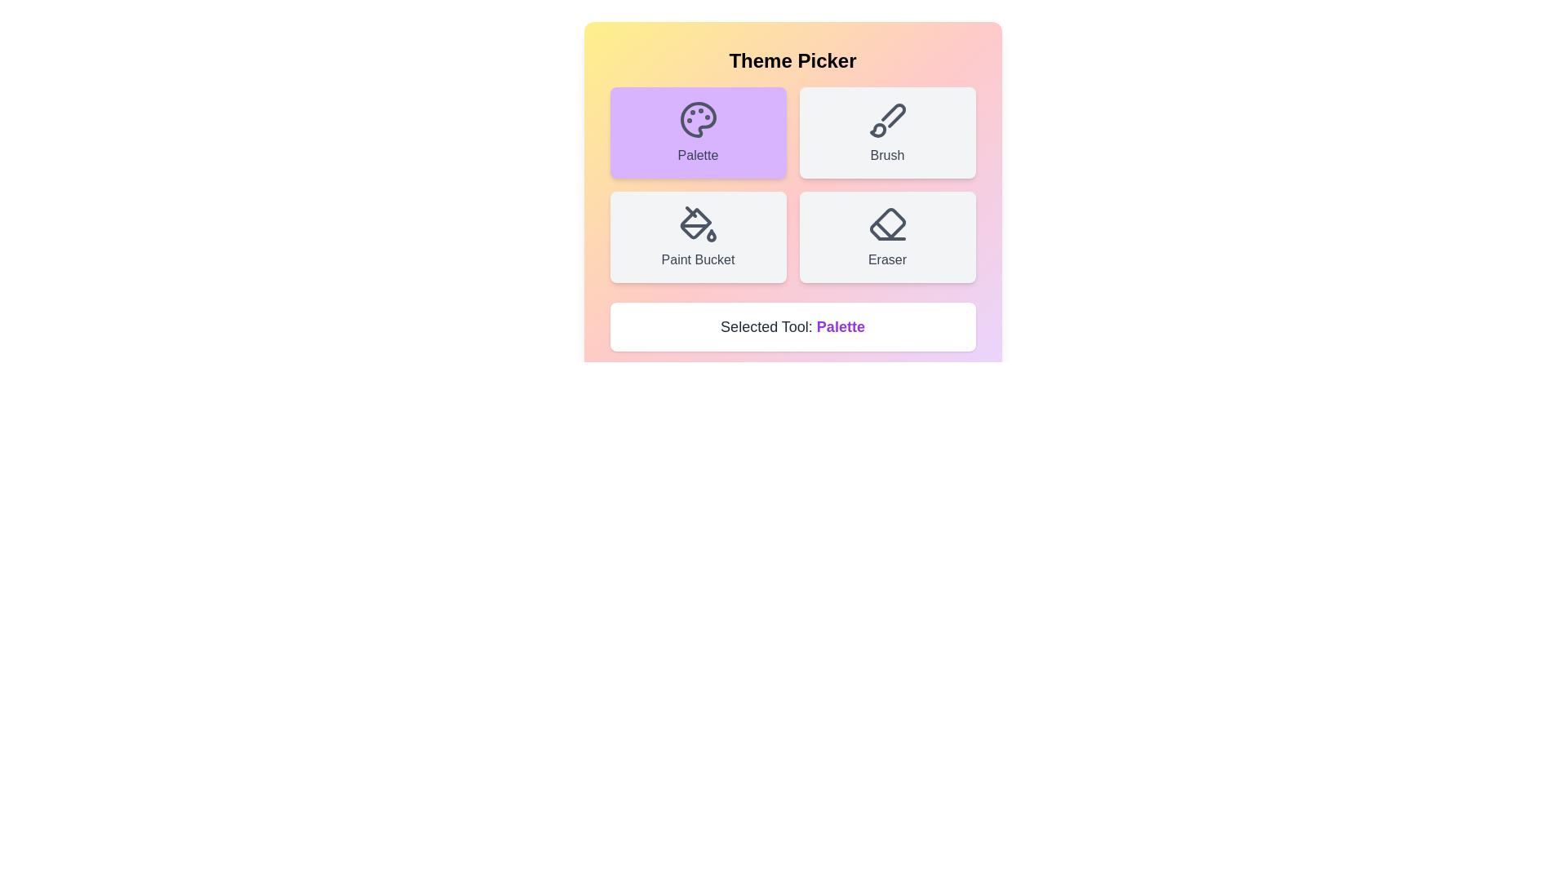 The height and width of the screenshot is (881, 1567). What do you see at coordinates (698, 131) in the screenshot?
I see `the tool button labeled Palette to observe visual feedback` at bounding box center [698, 131].